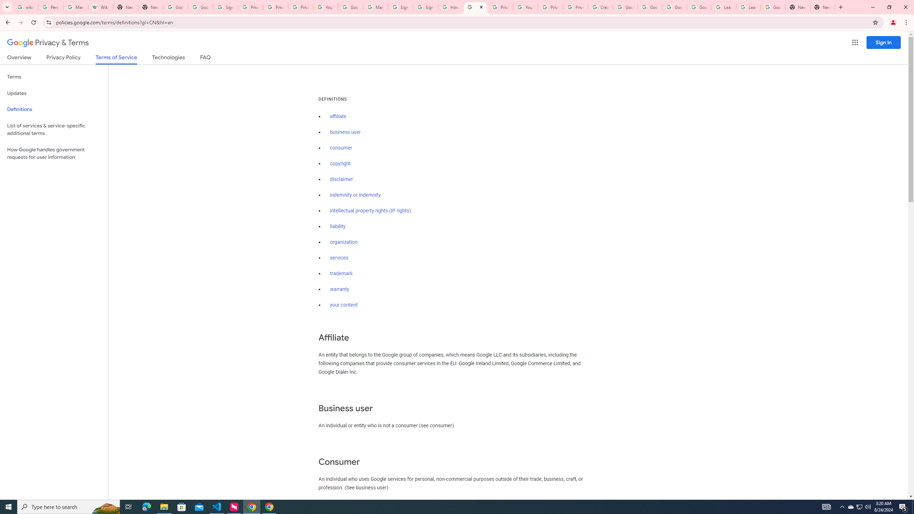  I want to click on 'Google Drive: Sign-in', so click(200, 7).